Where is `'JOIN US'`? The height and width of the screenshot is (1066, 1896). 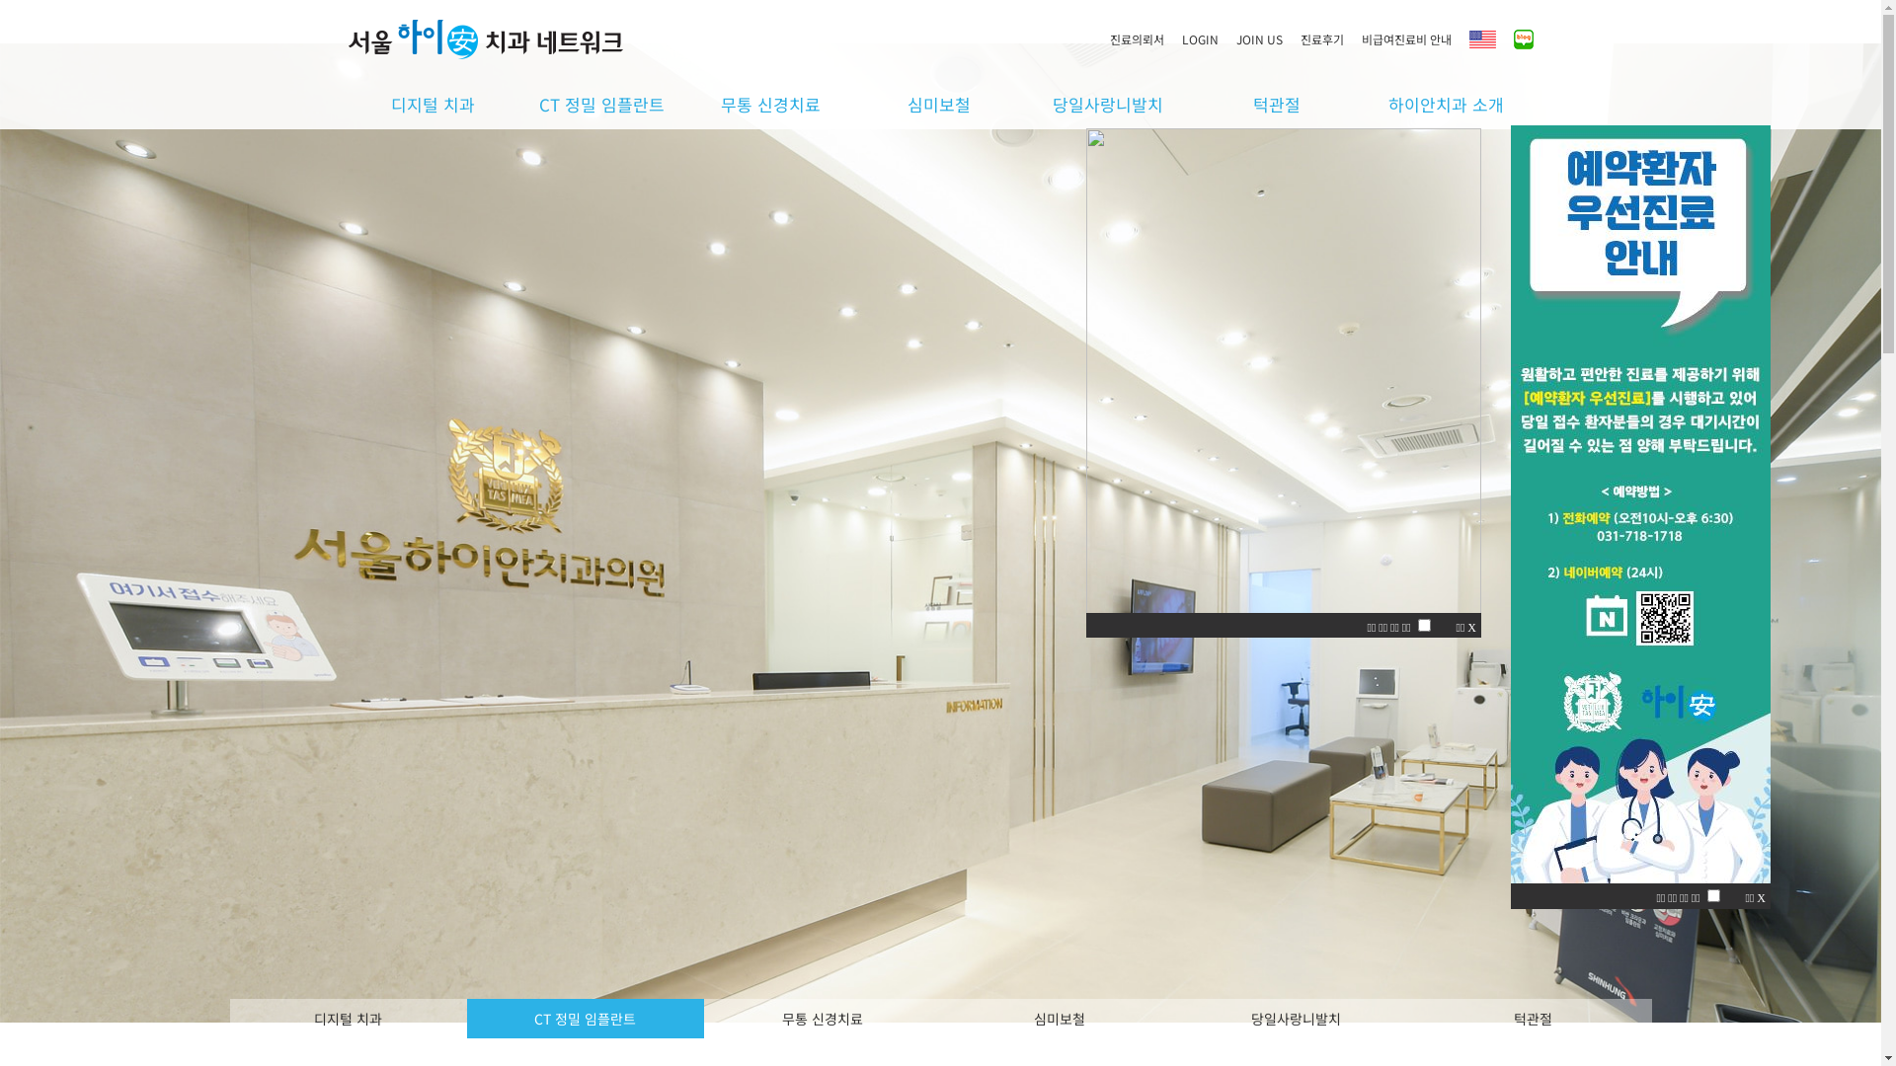 'JOIN US' is located at coordinates (1266, 38).